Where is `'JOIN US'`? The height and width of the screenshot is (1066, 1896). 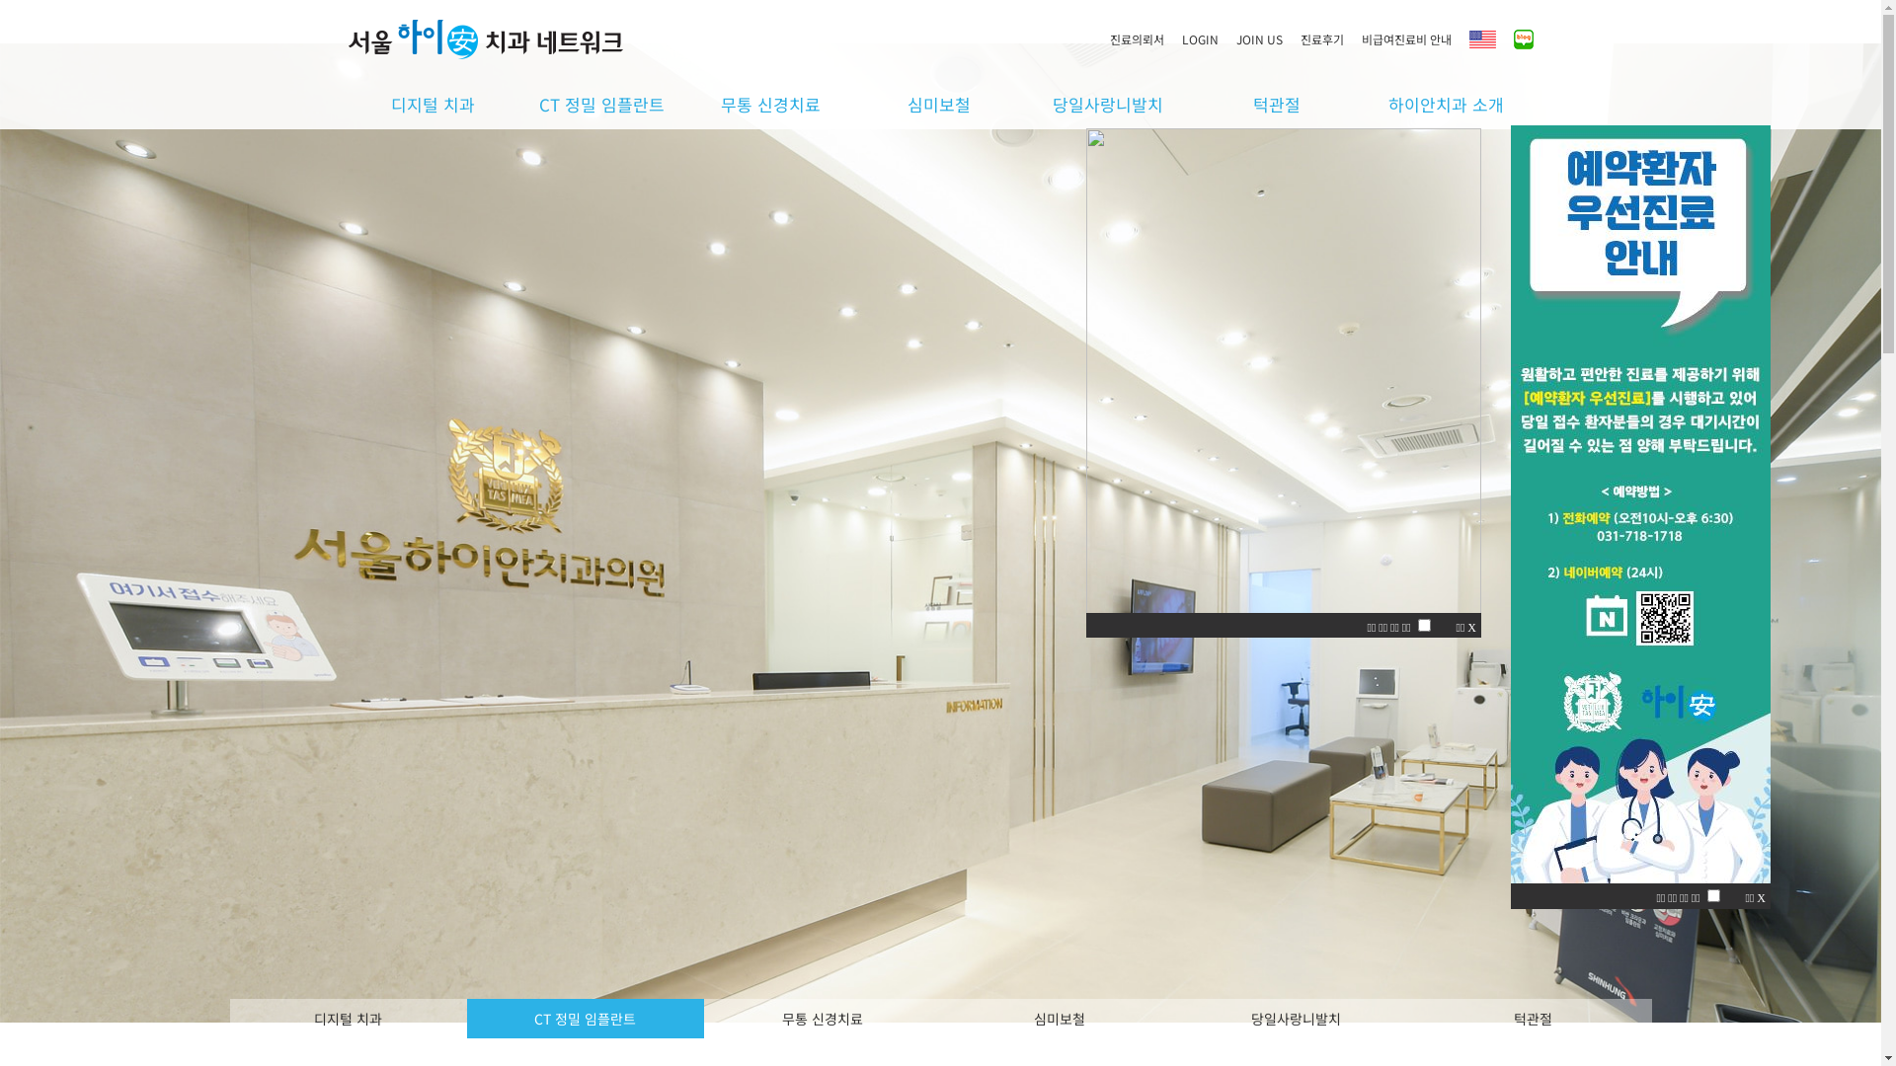 'JOIN US' is located at coordinates (1266, 38).